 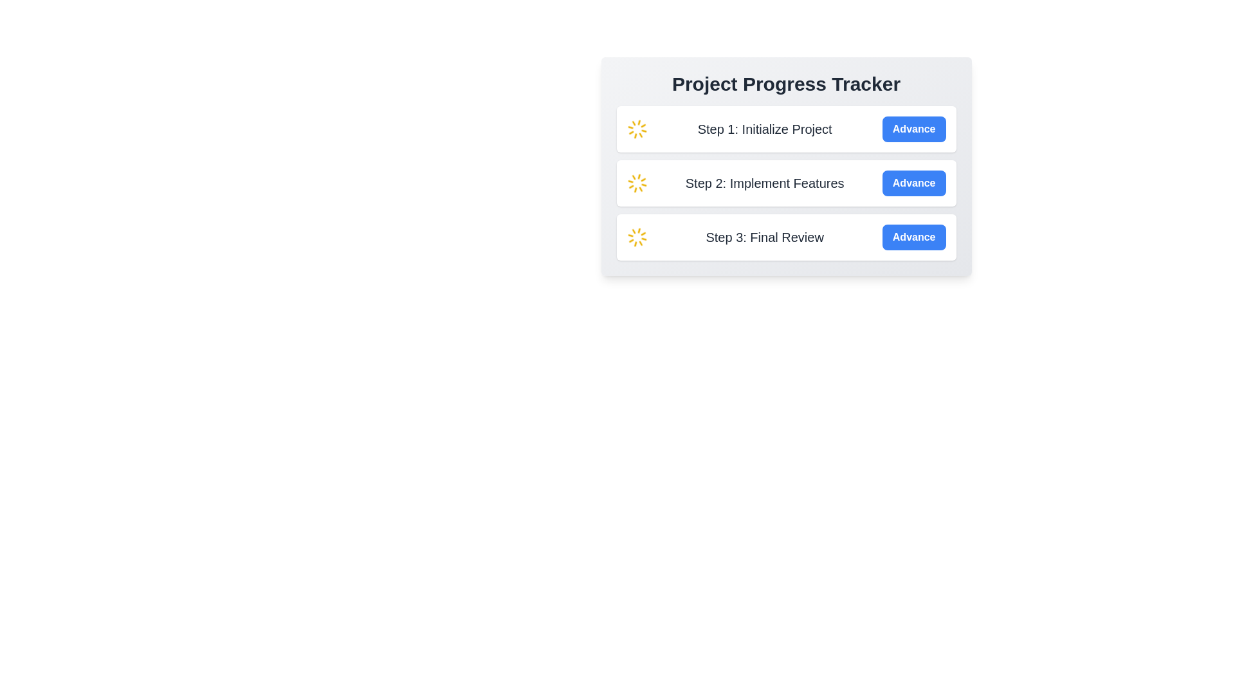 I want to click on text from the title Text block located at the top of the containing card, which provides context for the project progress tracker, so click(x=785, y=84).